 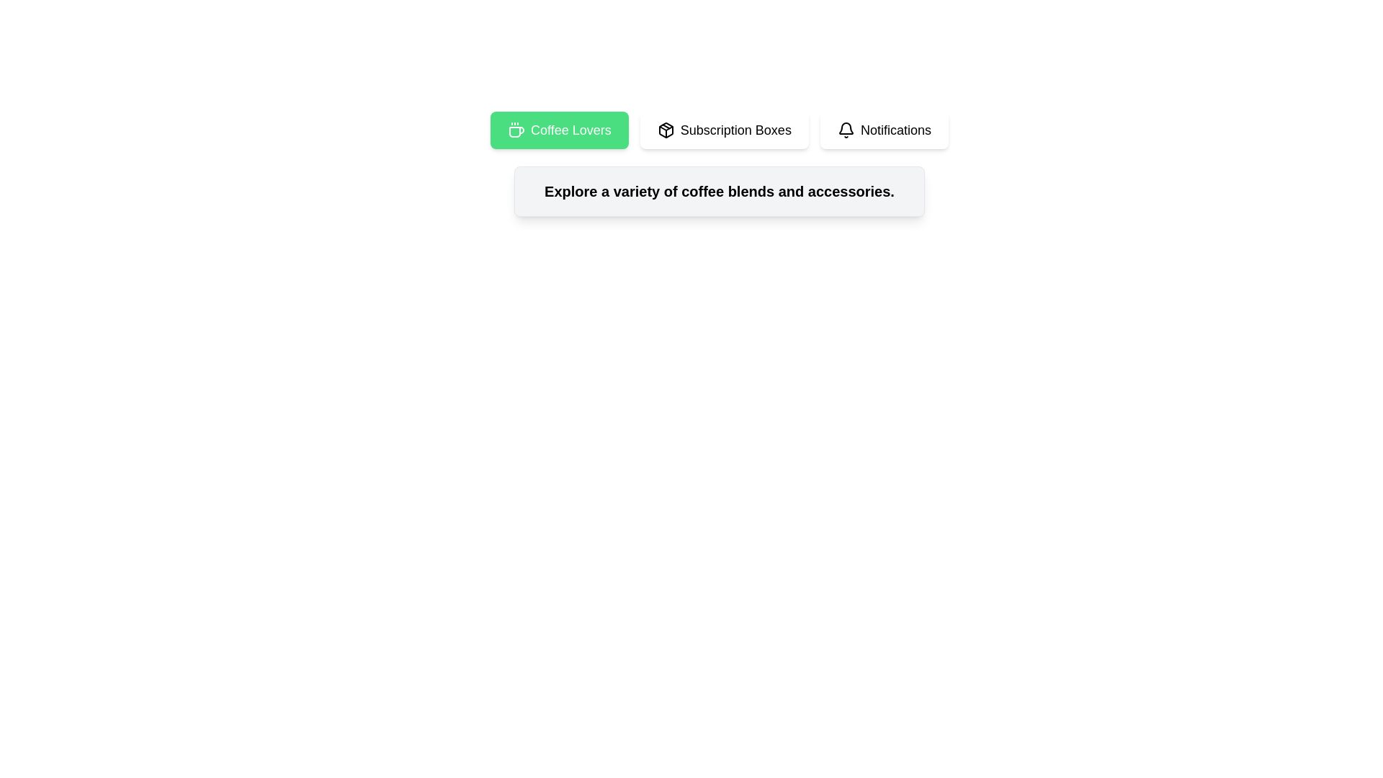 What do you see at coordinates (735, 130) in the screenshot?
I see `the subscription box navigation button located in the center of the horizontal navigation bar, specifically the second button from the left, positioned between the 'Coffee Lovers' and 'Notifications' buttons` at bounding box center [735, 130].